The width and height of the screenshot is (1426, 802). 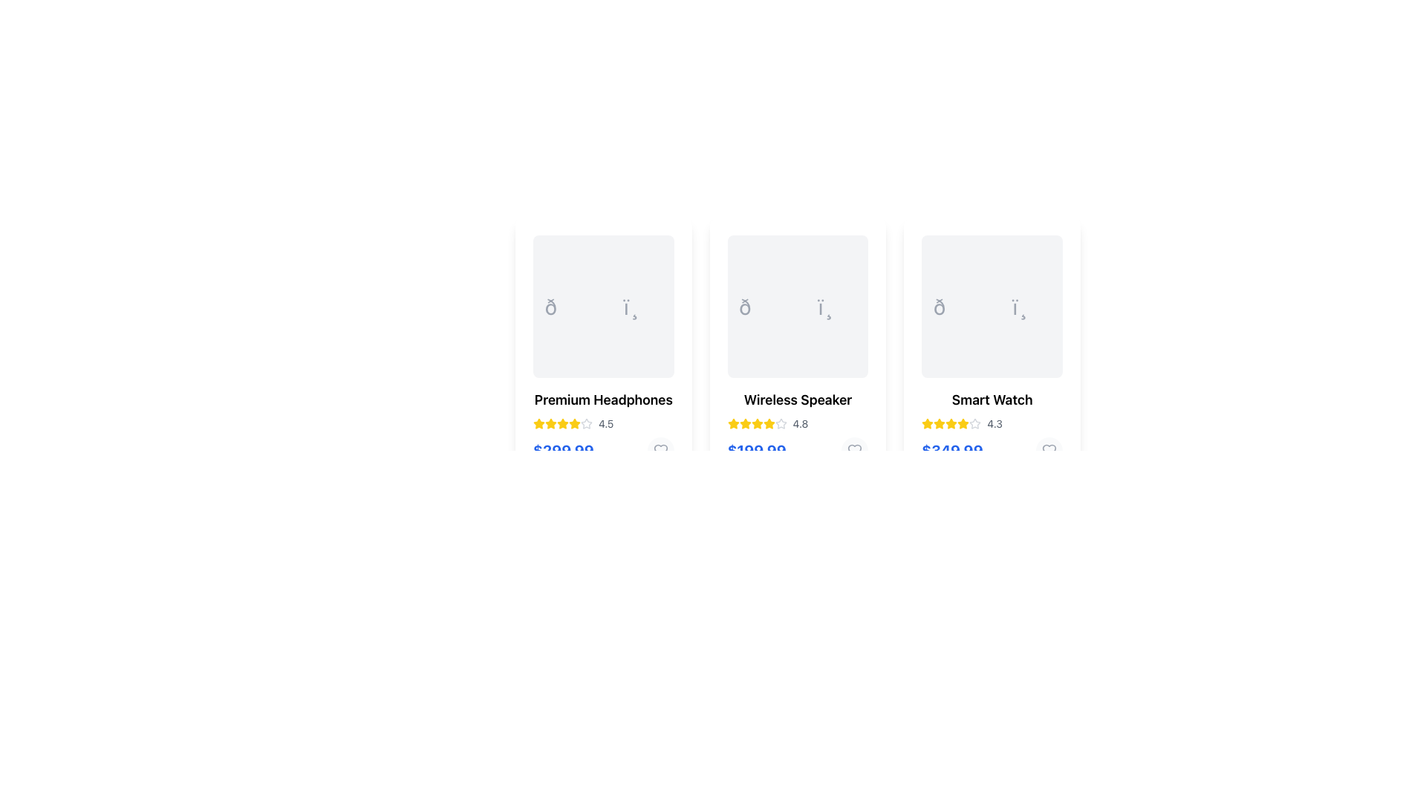 What do you see at coordinates (992, 400) in the screenshot?
I see `the text label displaying 'Smart Watch', which is styled in a bold font and located in the third column of the product listings card, positioned below the product image` at bounding box center [992, 400].